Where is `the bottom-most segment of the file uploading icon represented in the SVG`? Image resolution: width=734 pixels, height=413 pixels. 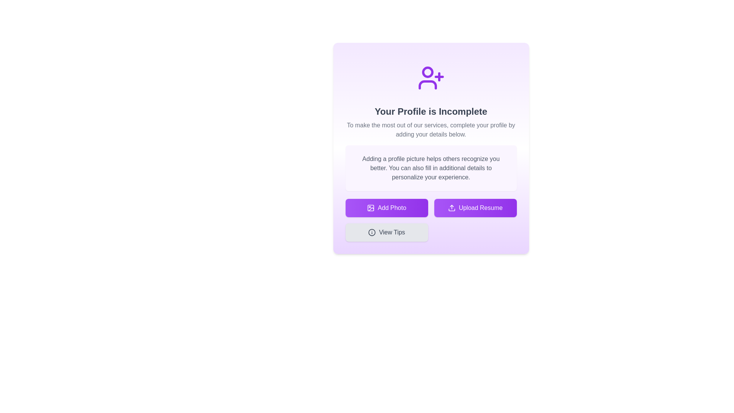
the bottom-most segment of the file uploading icon represented in the SVG is located at coordinates (452, 210).